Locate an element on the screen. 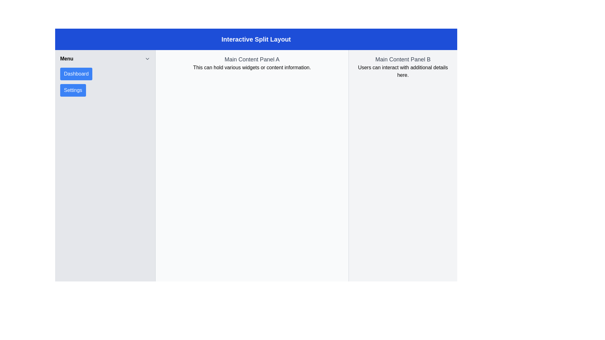 The width and height of the screenshot is (605, 340). the blue 'Settings' button with white text located below the 'Dashboard' button in the left sidebar menu is located at coordinates (73, 90).